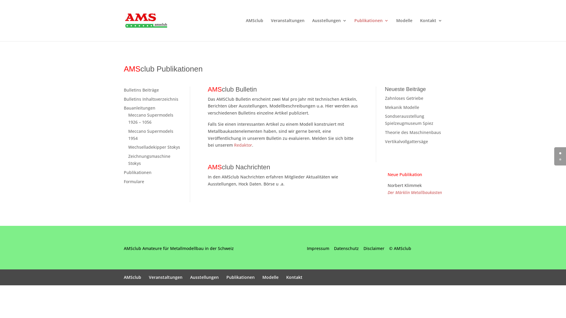 The image size is (566, 318). What do you see at coordinates (132, 277) in the screenshot?
I see `'AMSclub'` at bounding box center [132, 277].